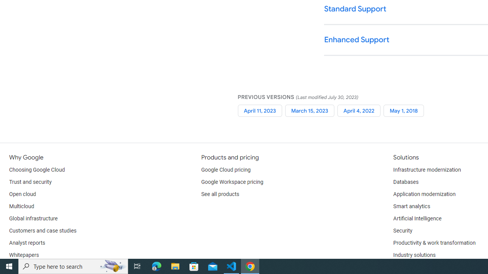 The width and height of the screenshot is (488, 274). I want to click on 'Google Workspace pricing', so click(232, 182).